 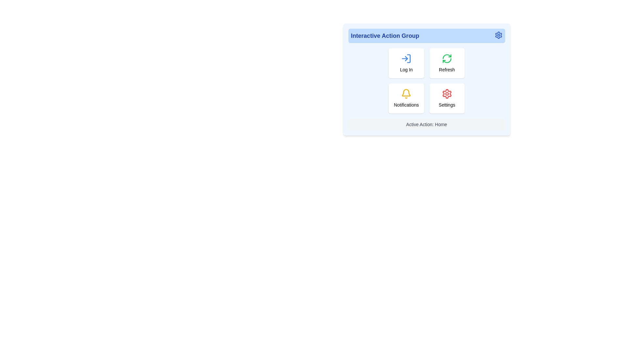 What do you see at coordinates (426, 124) in the screenshot?
I see `the informational banner that displays 'Active Action: Home', which is styled with a light gray background and rounded corners, located within the 'Interactive Action Group' at the bottom` at bounding box center [426, 124].